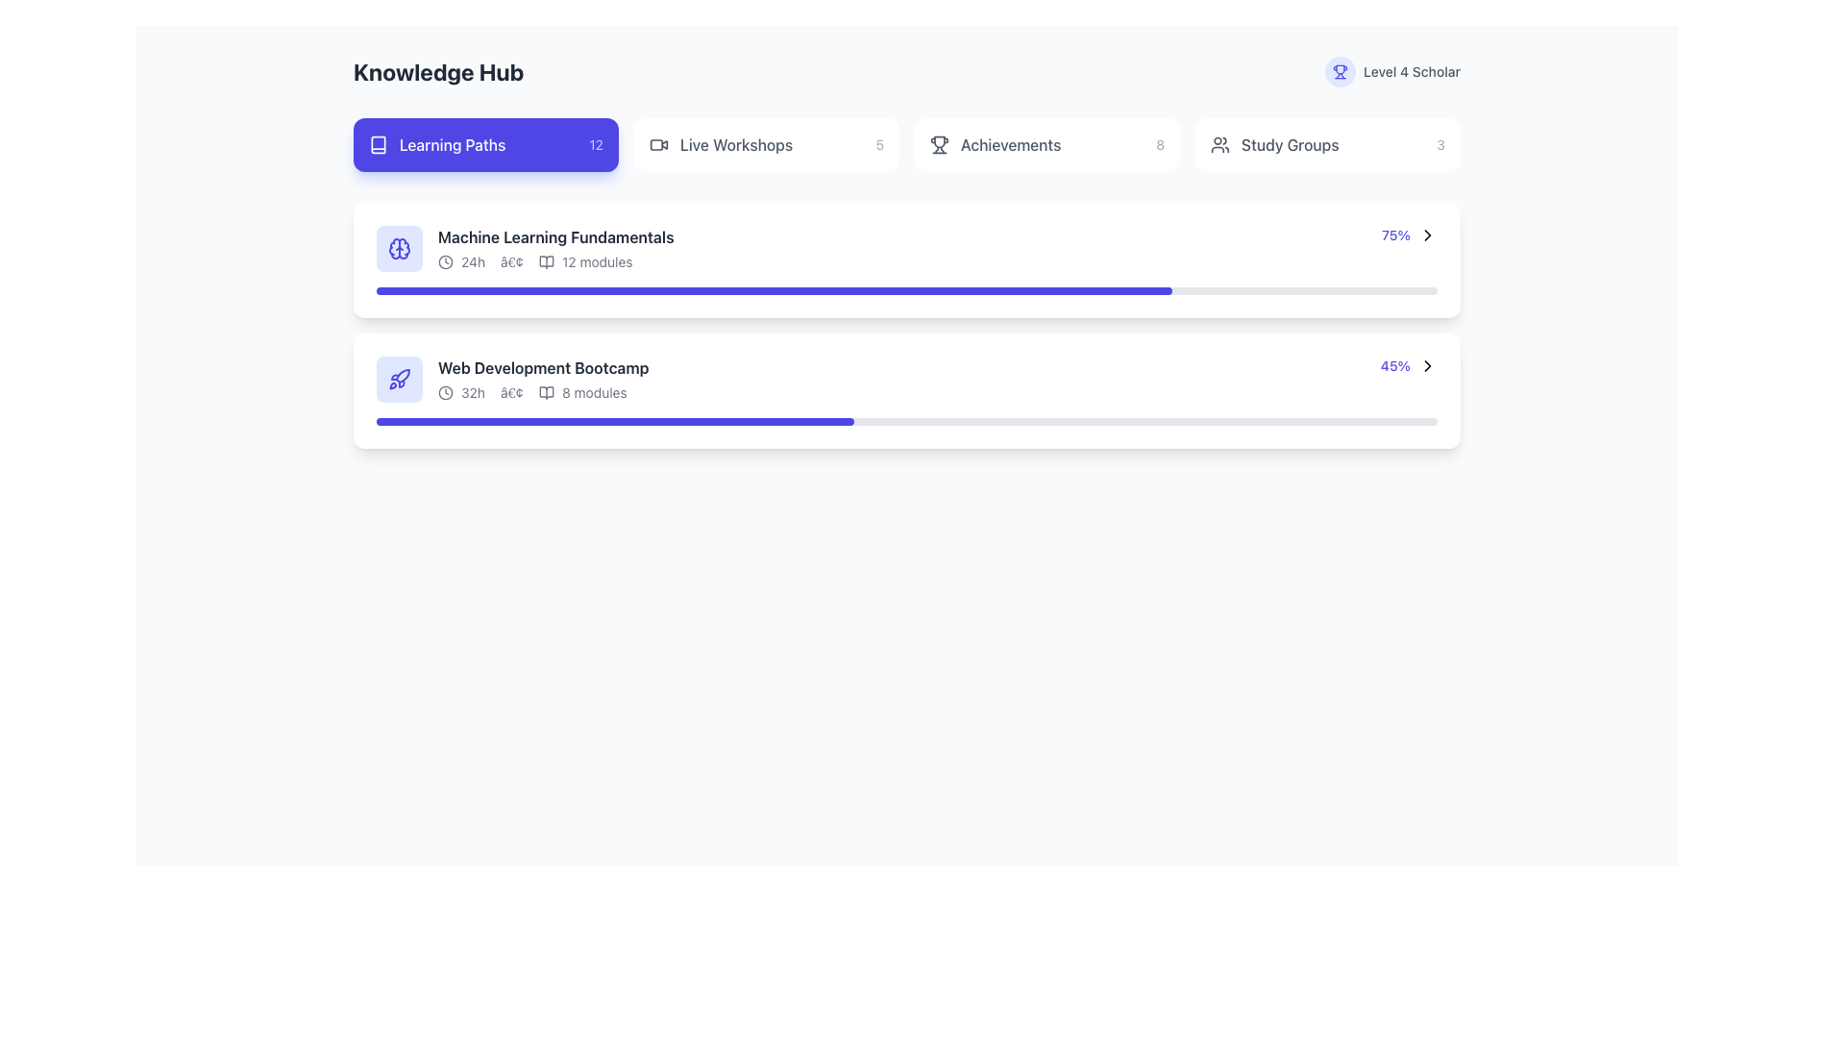 The height and width of the screenshot is (1038, 1845). I want to click on the circular brain icon with an indigo background located at the top left of the 'Machine Learning Fundamentals' list item in the 'Learning Paths' section, so click(399, 247).